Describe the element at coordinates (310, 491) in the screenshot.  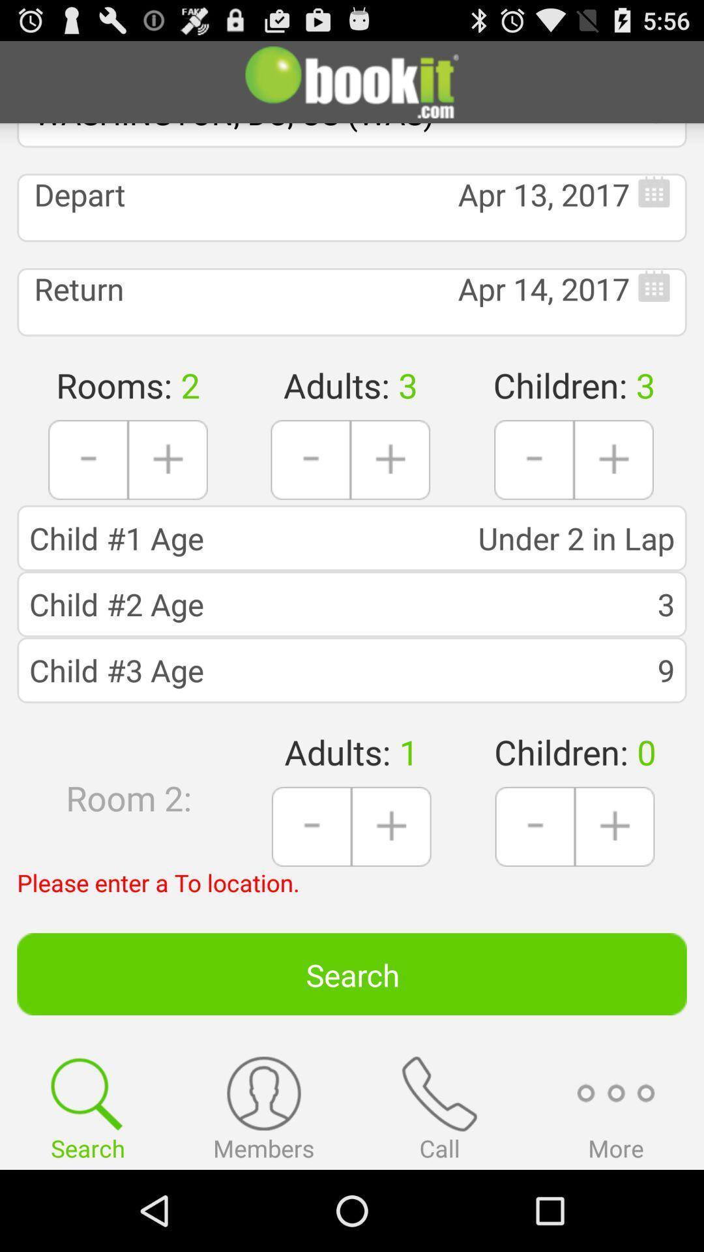
I see `the minus icon` at that location.